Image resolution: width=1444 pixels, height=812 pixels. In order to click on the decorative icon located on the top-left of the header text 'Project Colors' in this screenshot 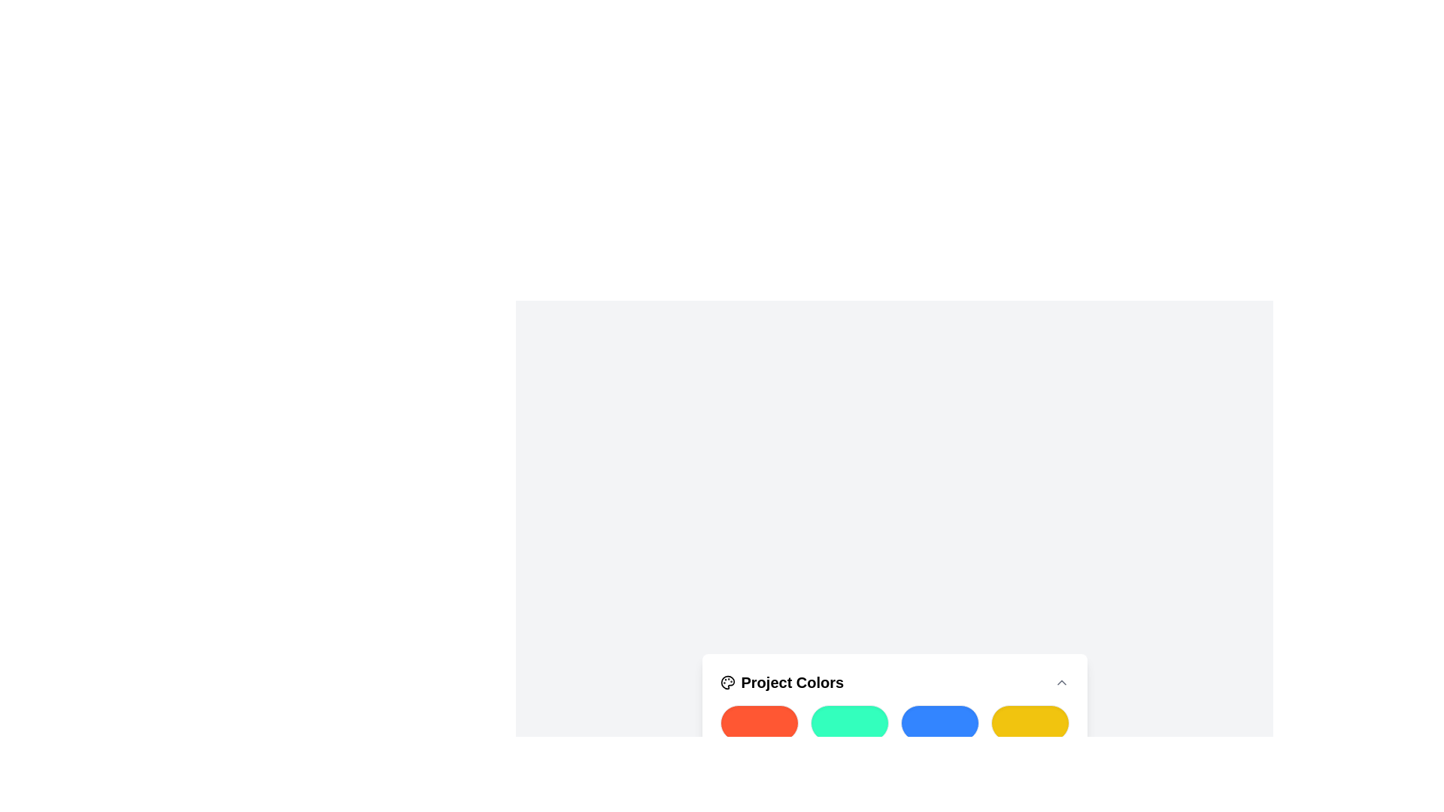, I will do `click(727, 682)`.